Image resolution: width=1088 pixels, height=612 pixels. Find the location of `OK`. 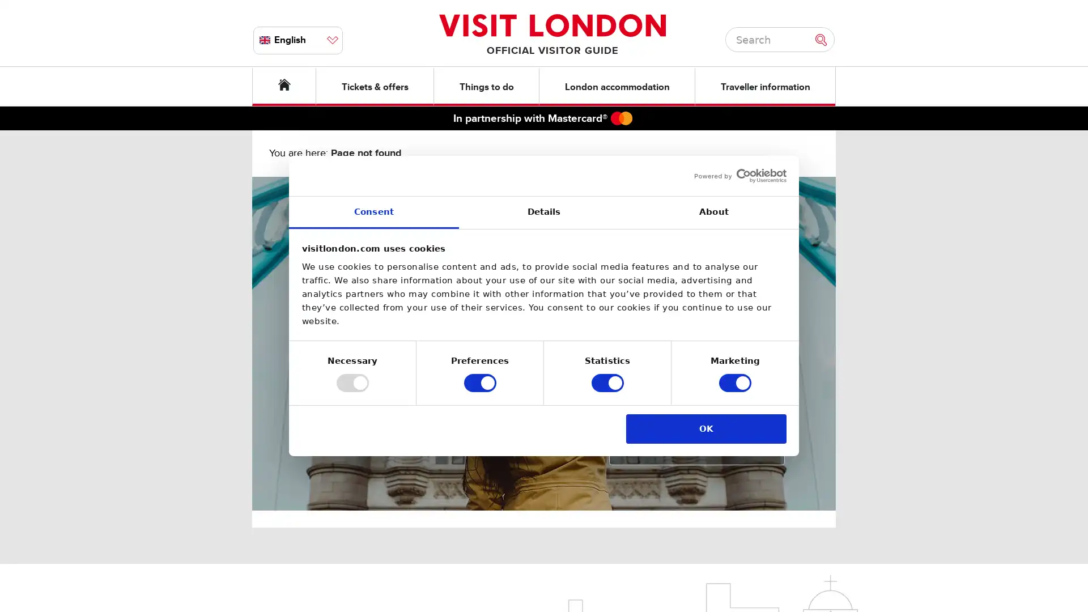

OK is located at coordinates (705, 428).